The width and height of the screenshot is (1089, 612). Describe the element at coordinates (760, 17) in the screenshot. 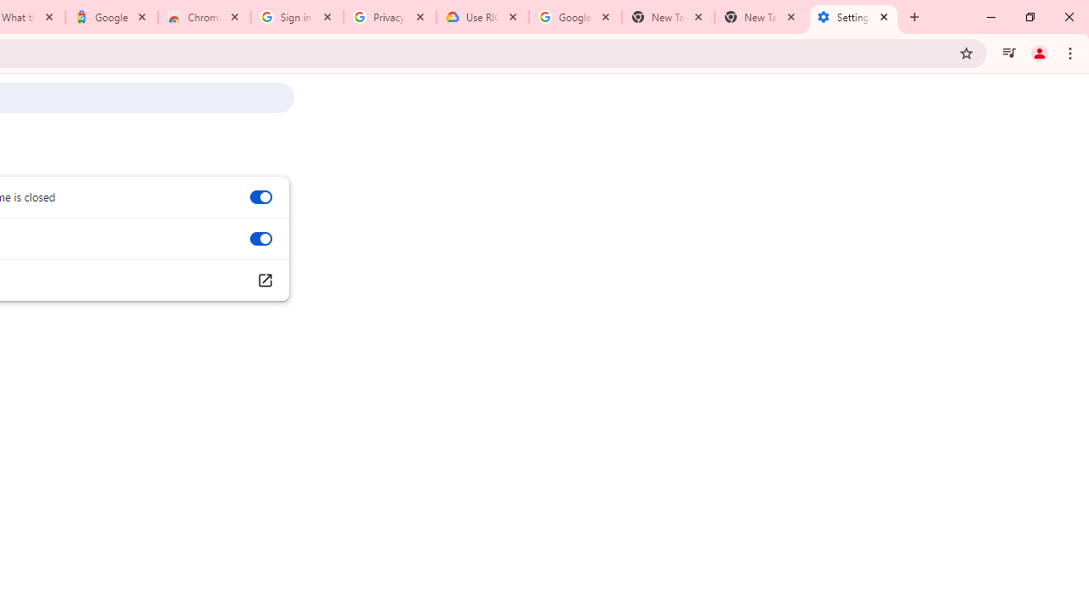

I see `'New Tab'` at that location.